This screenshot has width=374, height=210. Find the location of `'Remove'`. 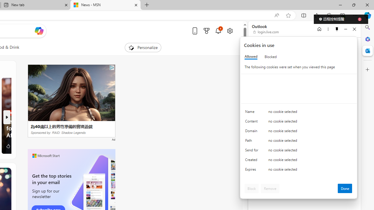

'Remove' is located at coordinates (270, 188).